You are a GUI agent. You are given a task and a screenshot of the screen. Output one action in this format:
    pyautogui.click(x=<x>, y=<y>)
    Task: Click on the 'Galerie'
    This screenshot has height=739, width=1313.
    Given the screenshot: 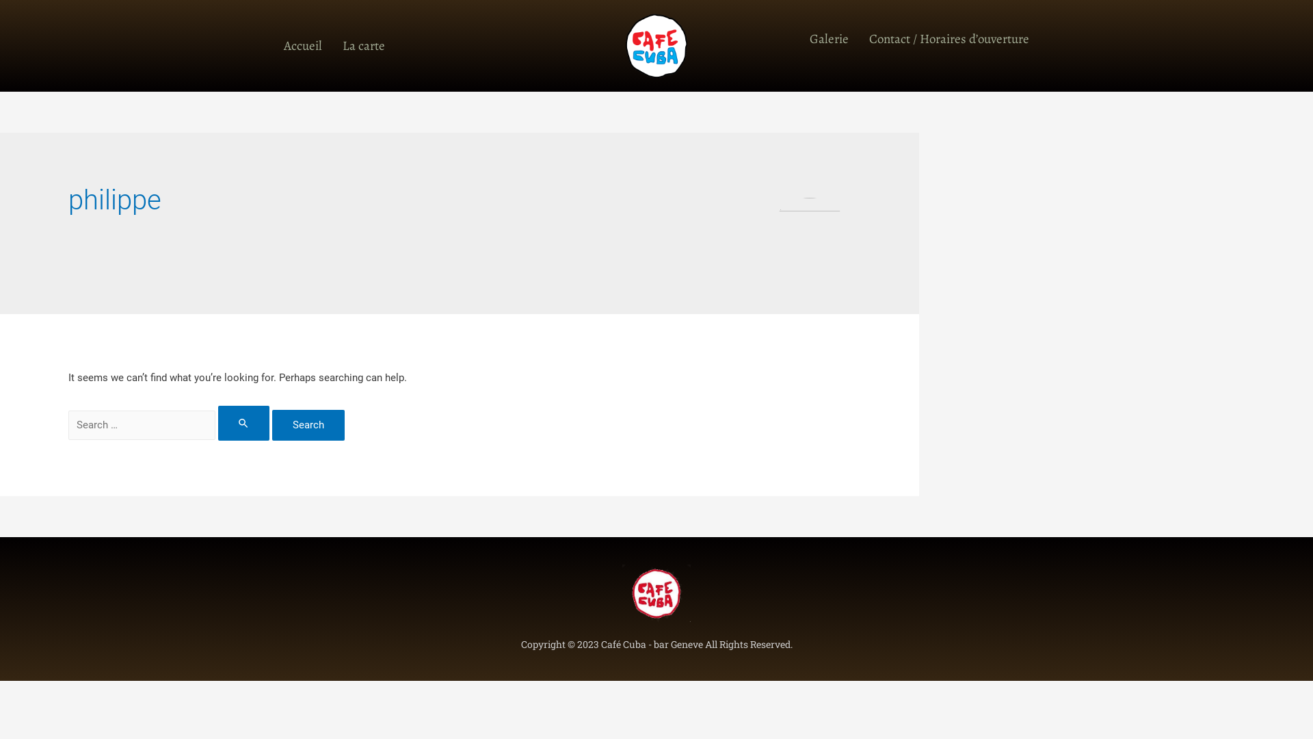 What is the action you would take?
    pyautogui.click(x=828, y=38)
    